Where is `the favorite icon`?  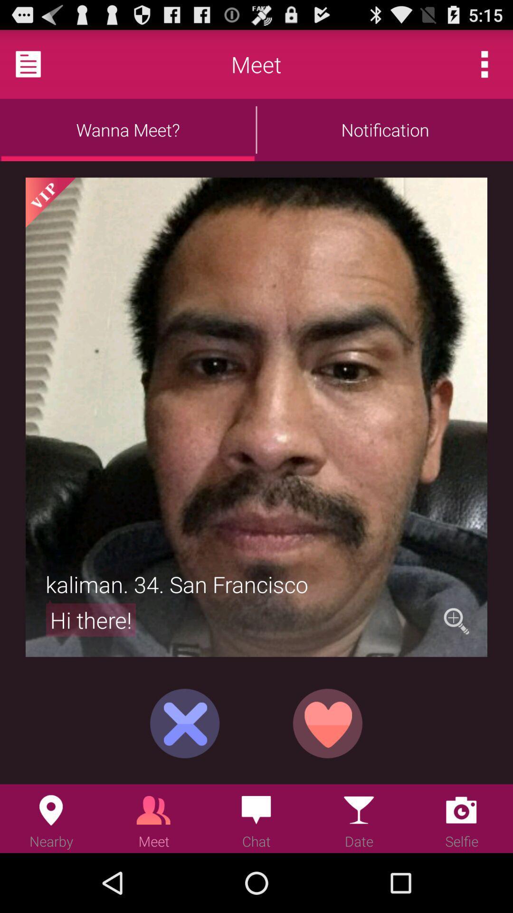
the favorite icon is located at coordinates (327, 775).